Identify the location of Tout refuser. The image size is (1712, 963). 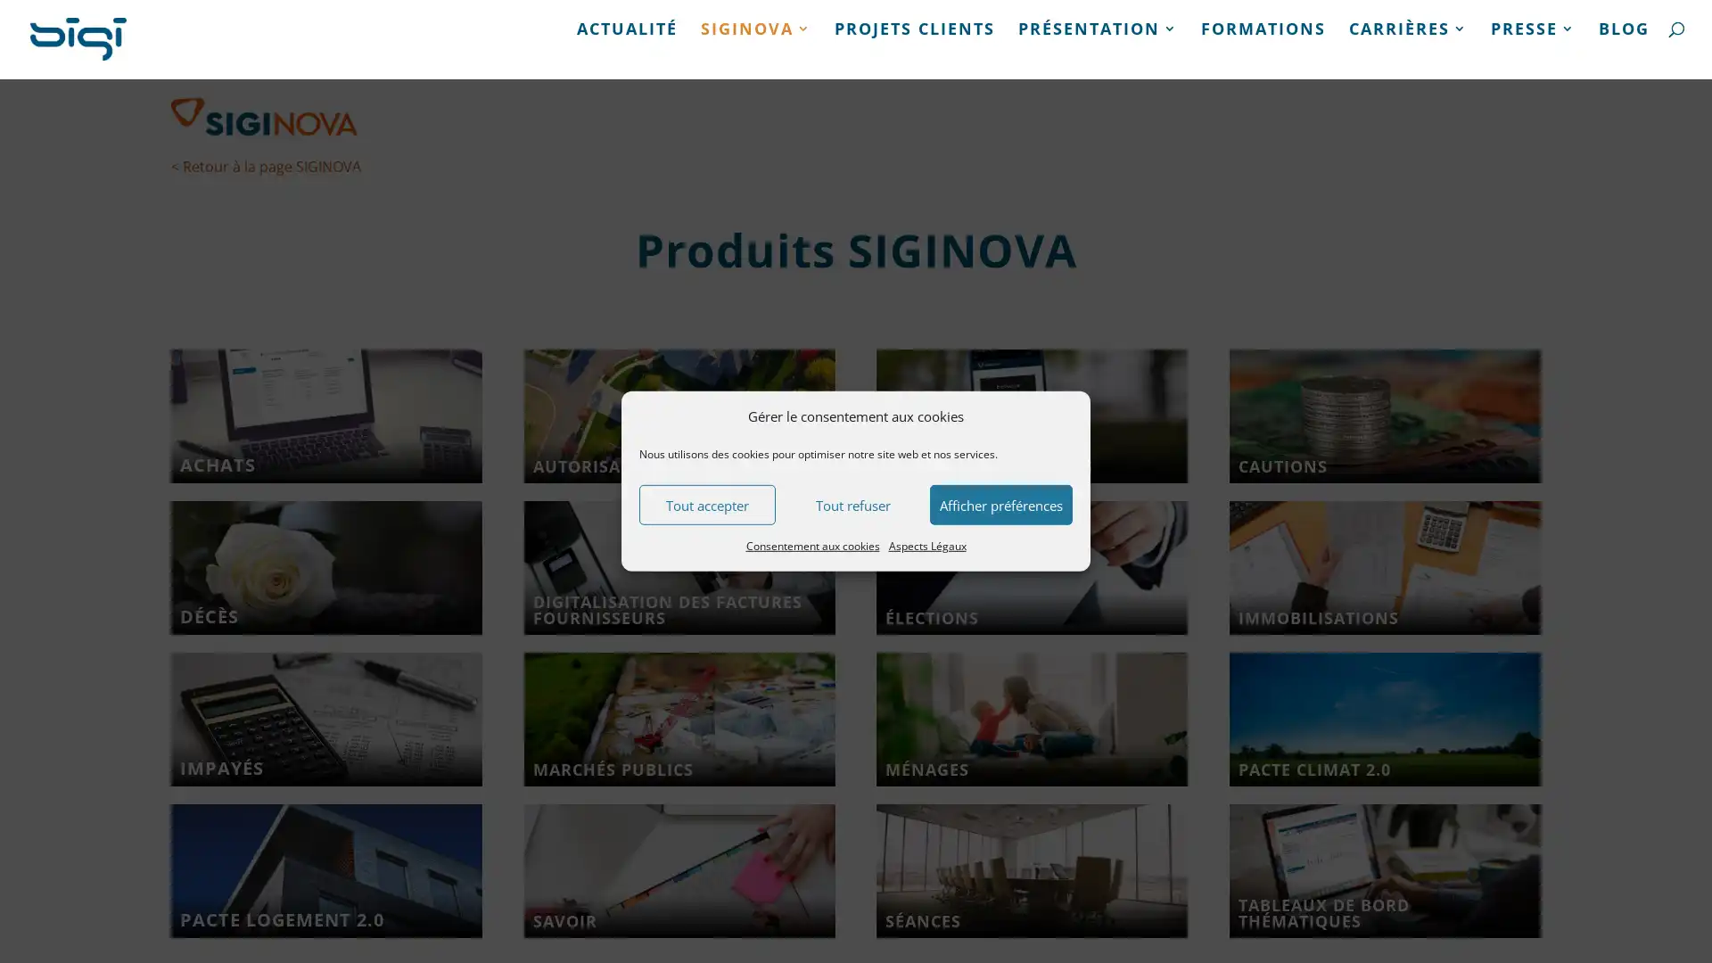
(852, 505).